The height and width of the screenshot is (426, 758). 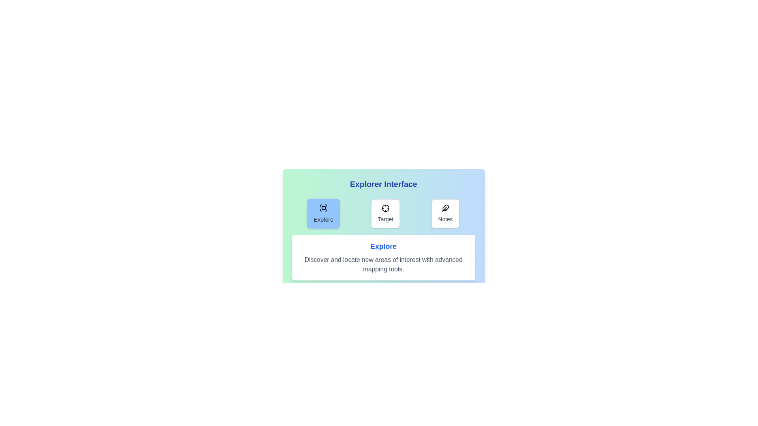 I want to click on the Target tab to view its content, so click(x=385, y=214).